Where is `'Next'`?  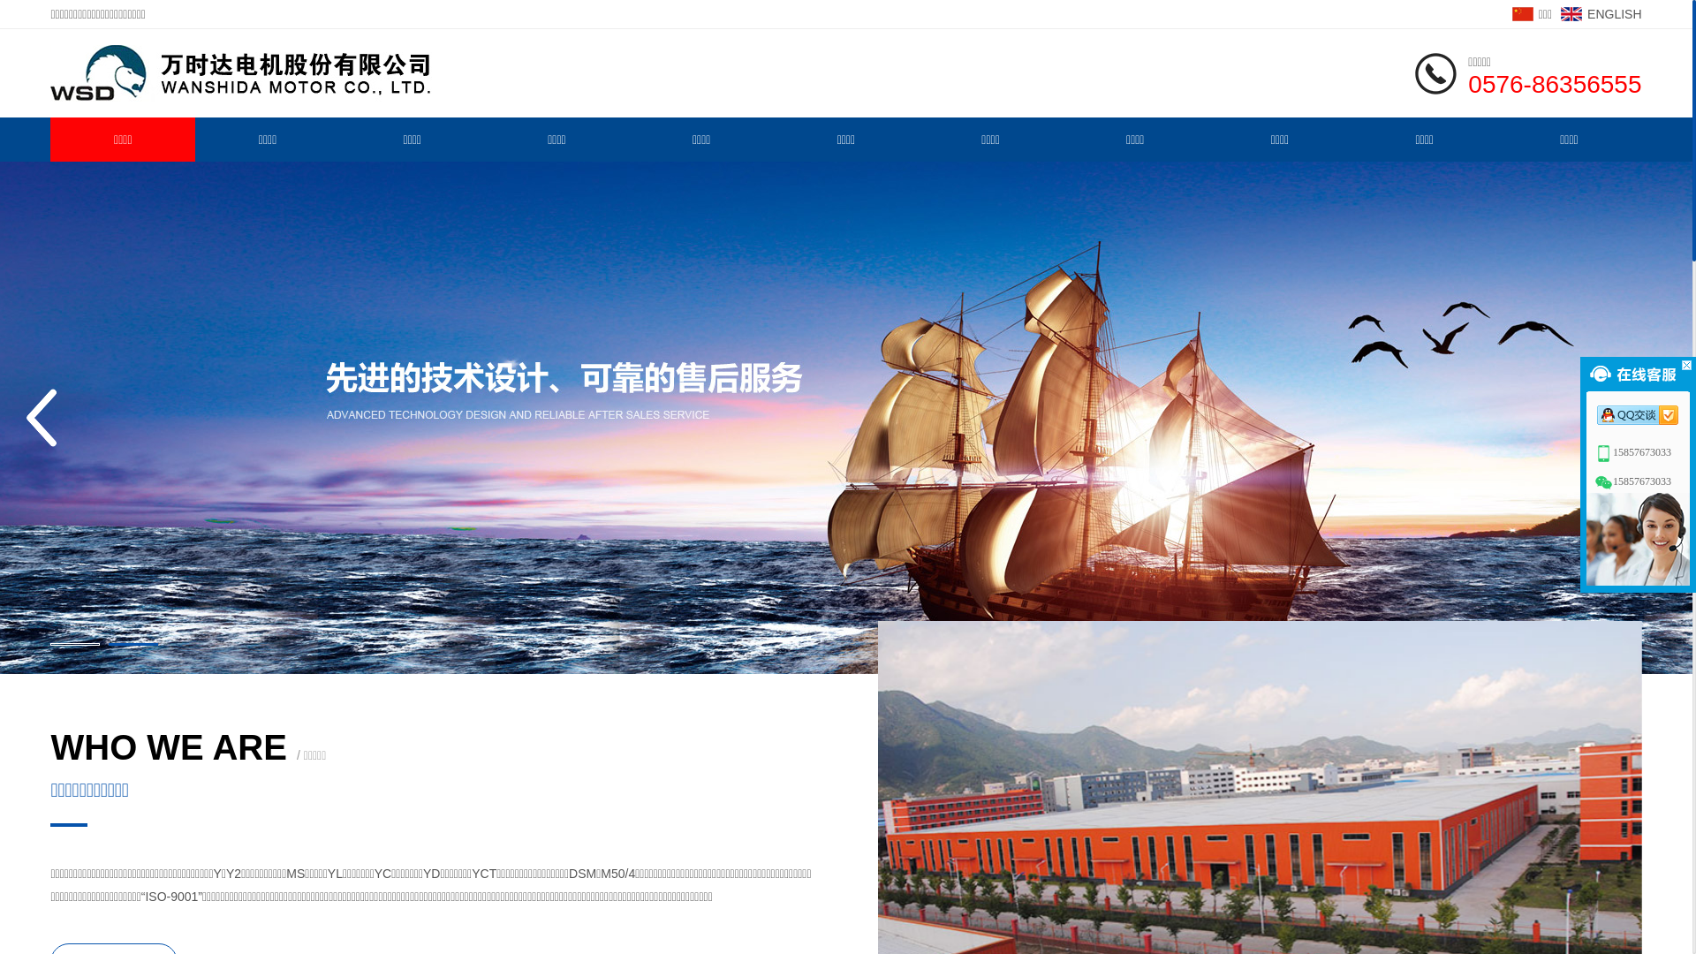 'Next' is located at coordinates (1635, 418).